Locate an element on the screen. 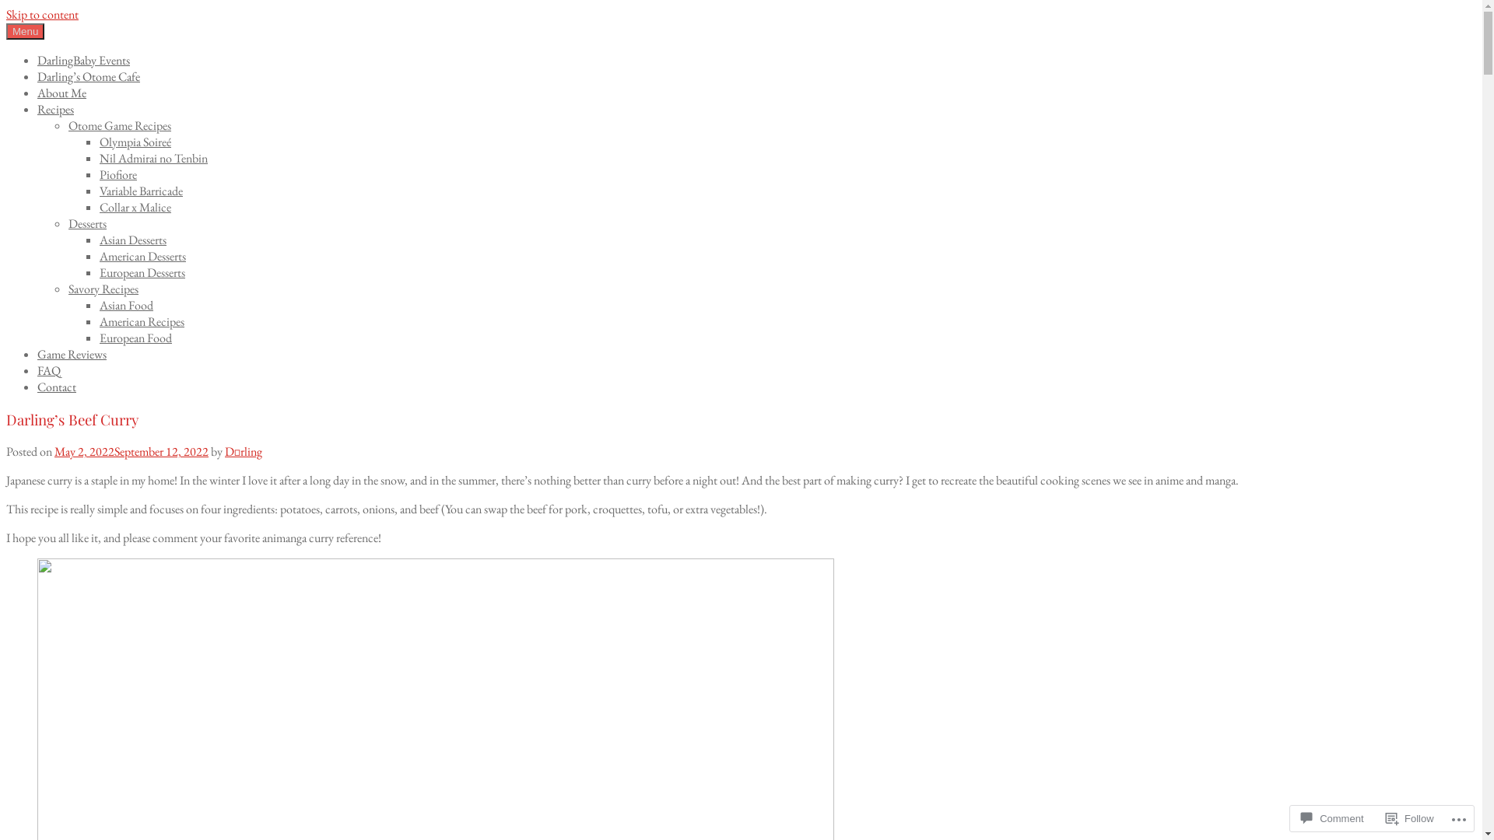 This screenshot has height=840, width=1494. 'American Recipes' is located at coordinates (142, 320).